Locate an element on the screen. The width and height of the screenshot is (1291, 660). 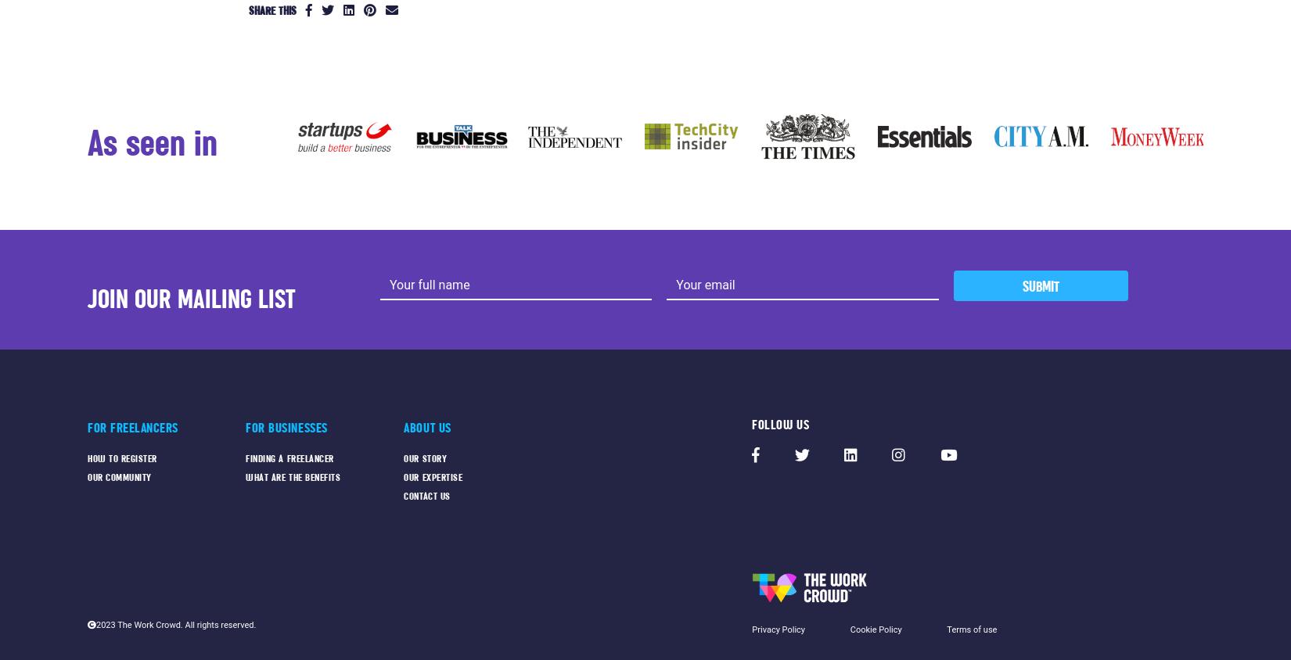
'FOR BUSINESSES' is located at coordinates (286, 427).